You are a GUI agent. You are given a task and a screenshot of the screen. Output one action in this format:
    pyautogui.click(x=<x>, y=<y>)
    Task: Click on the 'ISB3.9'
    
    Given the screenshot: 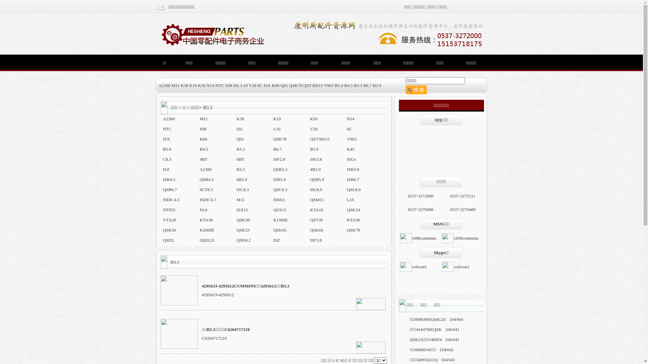 What is the action you would take?
    pyautogui.click(x=347, y=169)
    